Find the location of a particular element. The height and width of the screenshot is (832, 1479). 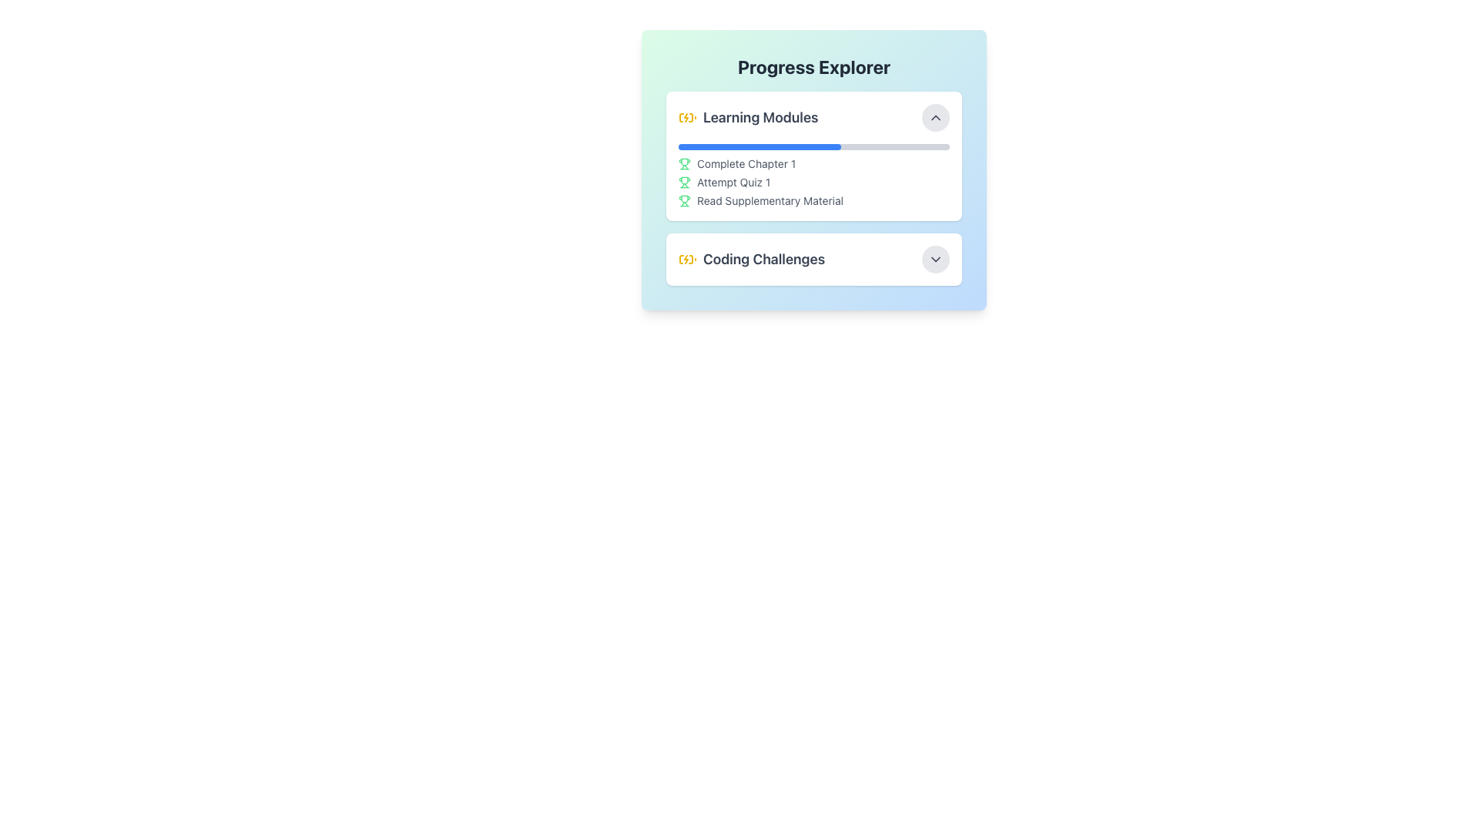

the progress tracking card element located at the center of the interface is located at coordinates (813, 169).